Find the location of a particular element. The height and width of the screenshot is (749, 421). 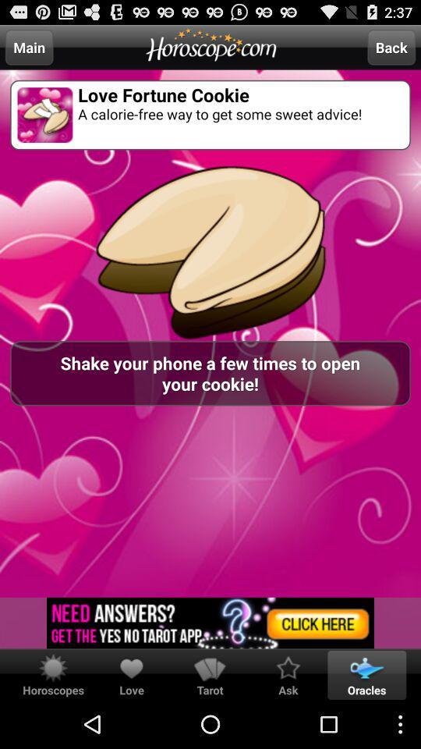

advertisement is located at coordinates (210, 623).